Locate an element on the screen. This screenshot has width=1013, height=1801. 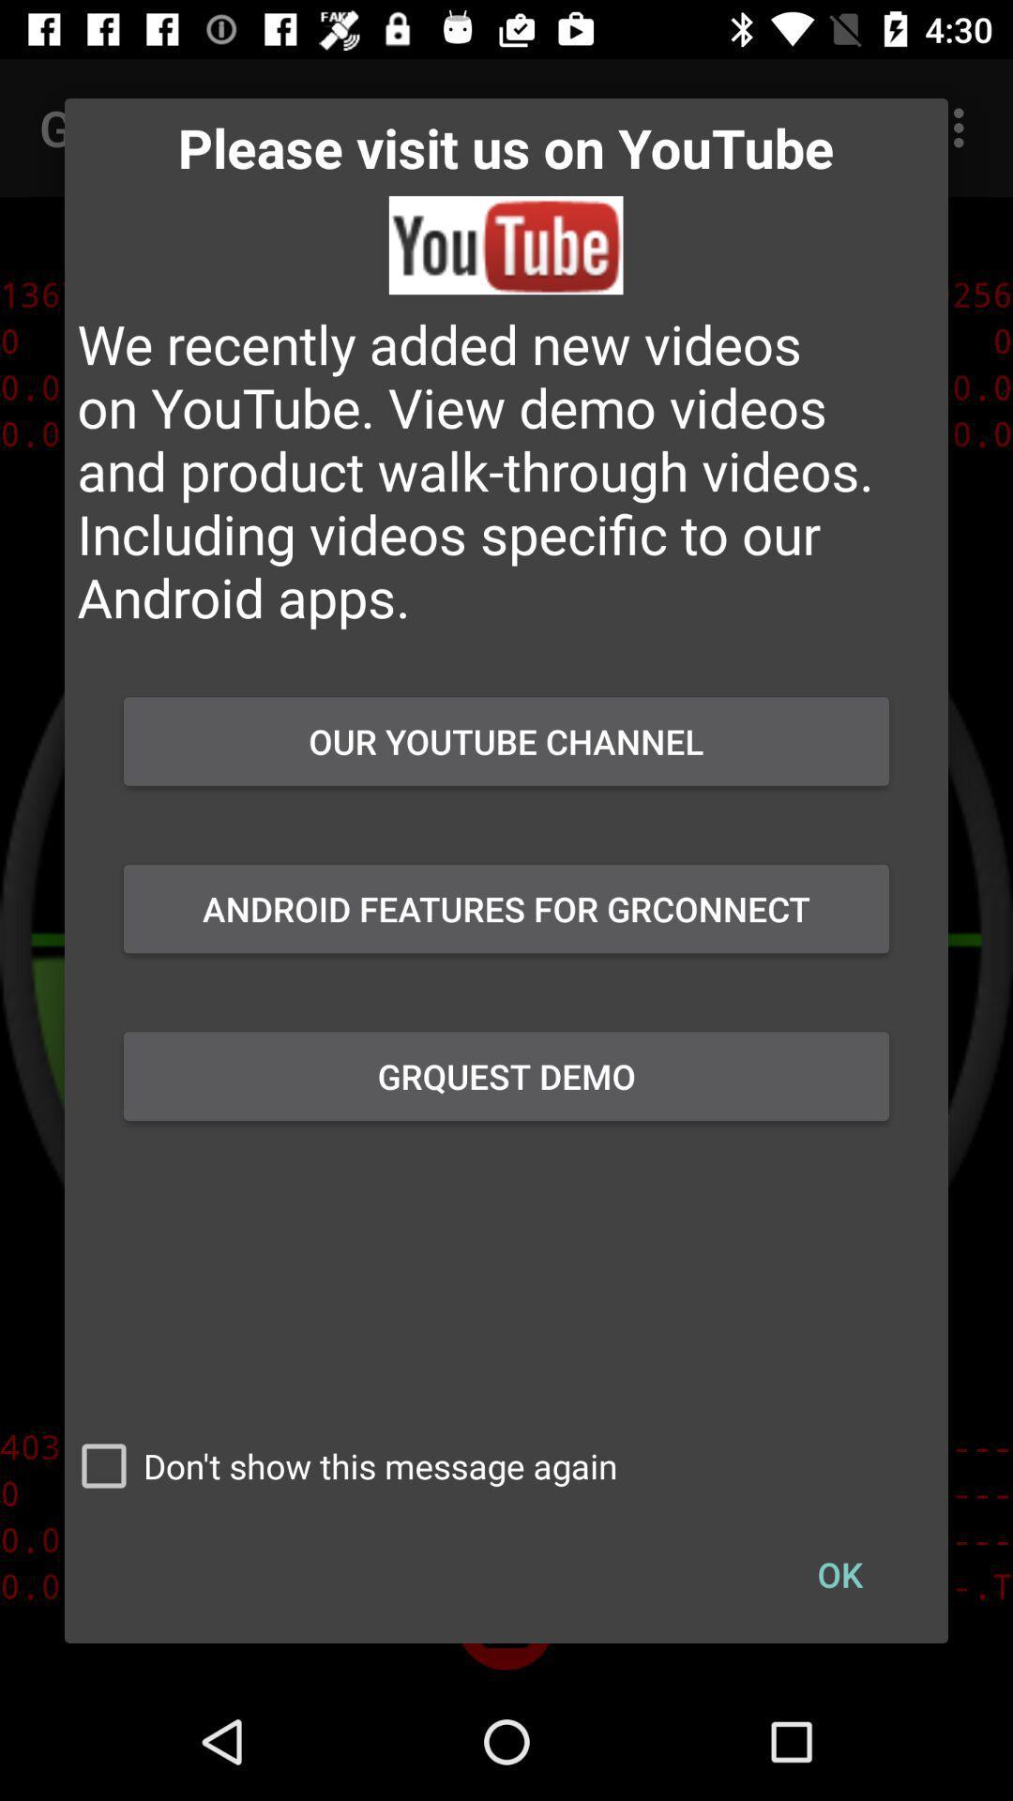
the button to the left of ok item is located at coordinates (340, 1465).